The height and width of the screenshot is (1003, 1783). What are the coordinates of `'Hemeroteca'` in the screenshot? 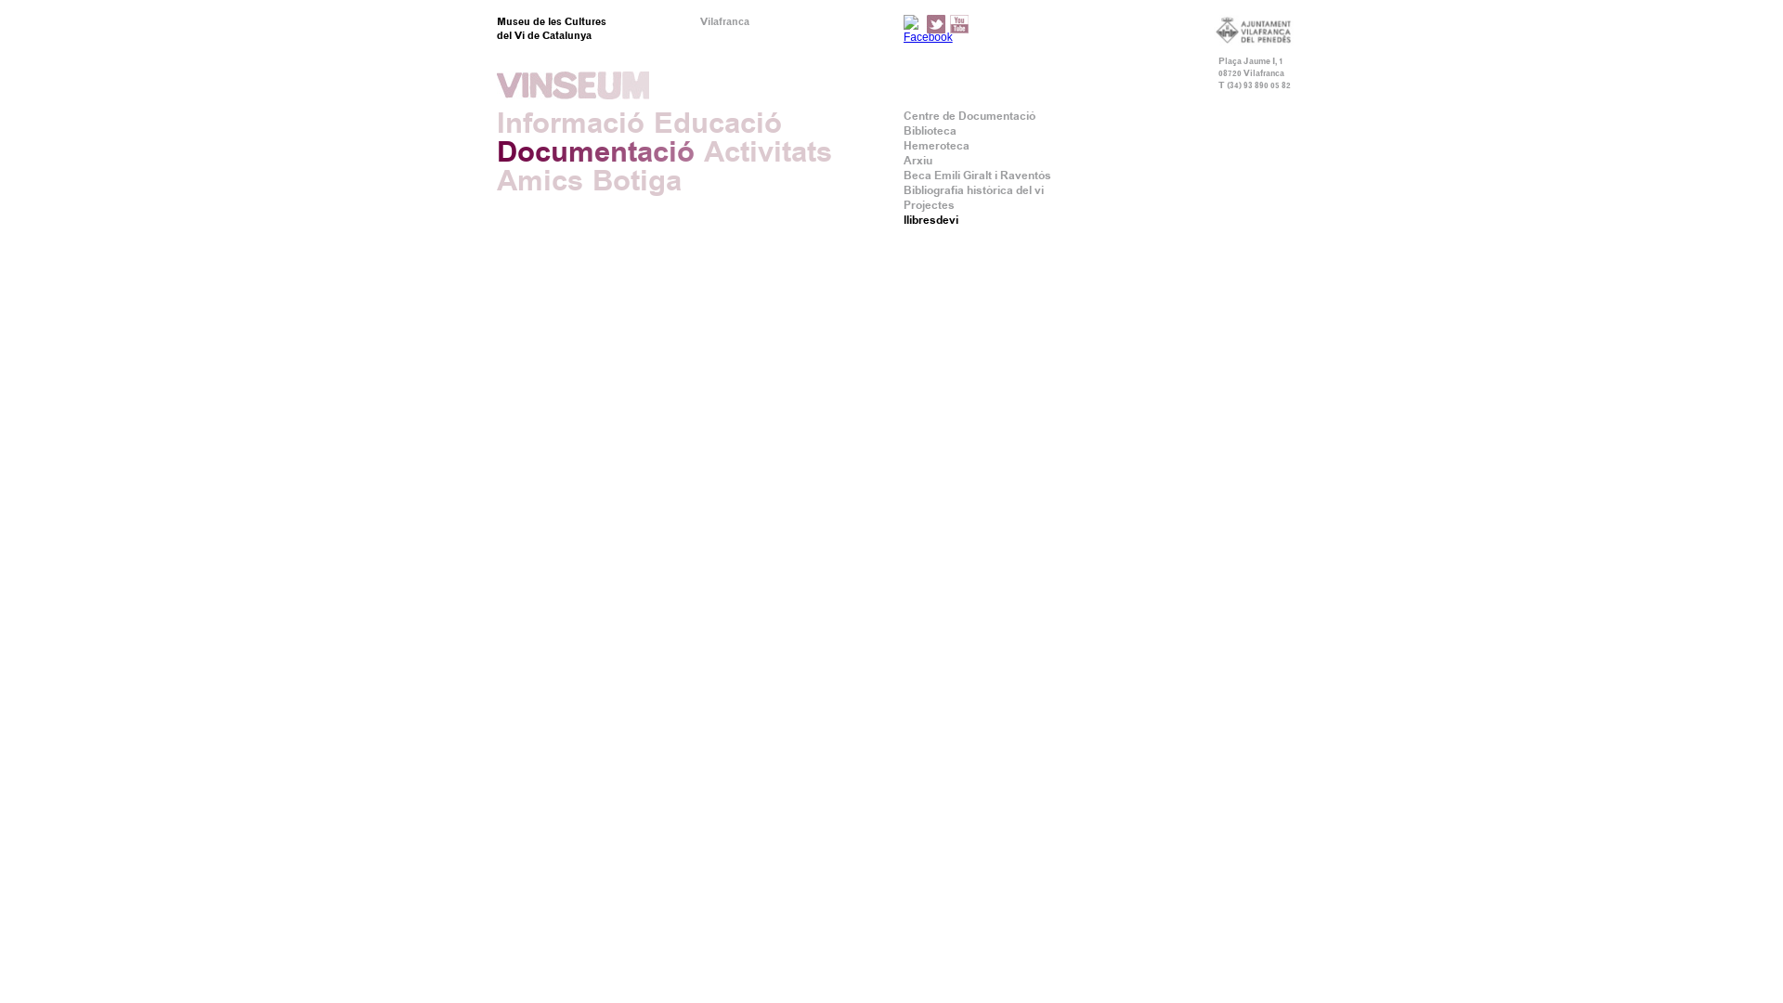 It's located at (904, 145).